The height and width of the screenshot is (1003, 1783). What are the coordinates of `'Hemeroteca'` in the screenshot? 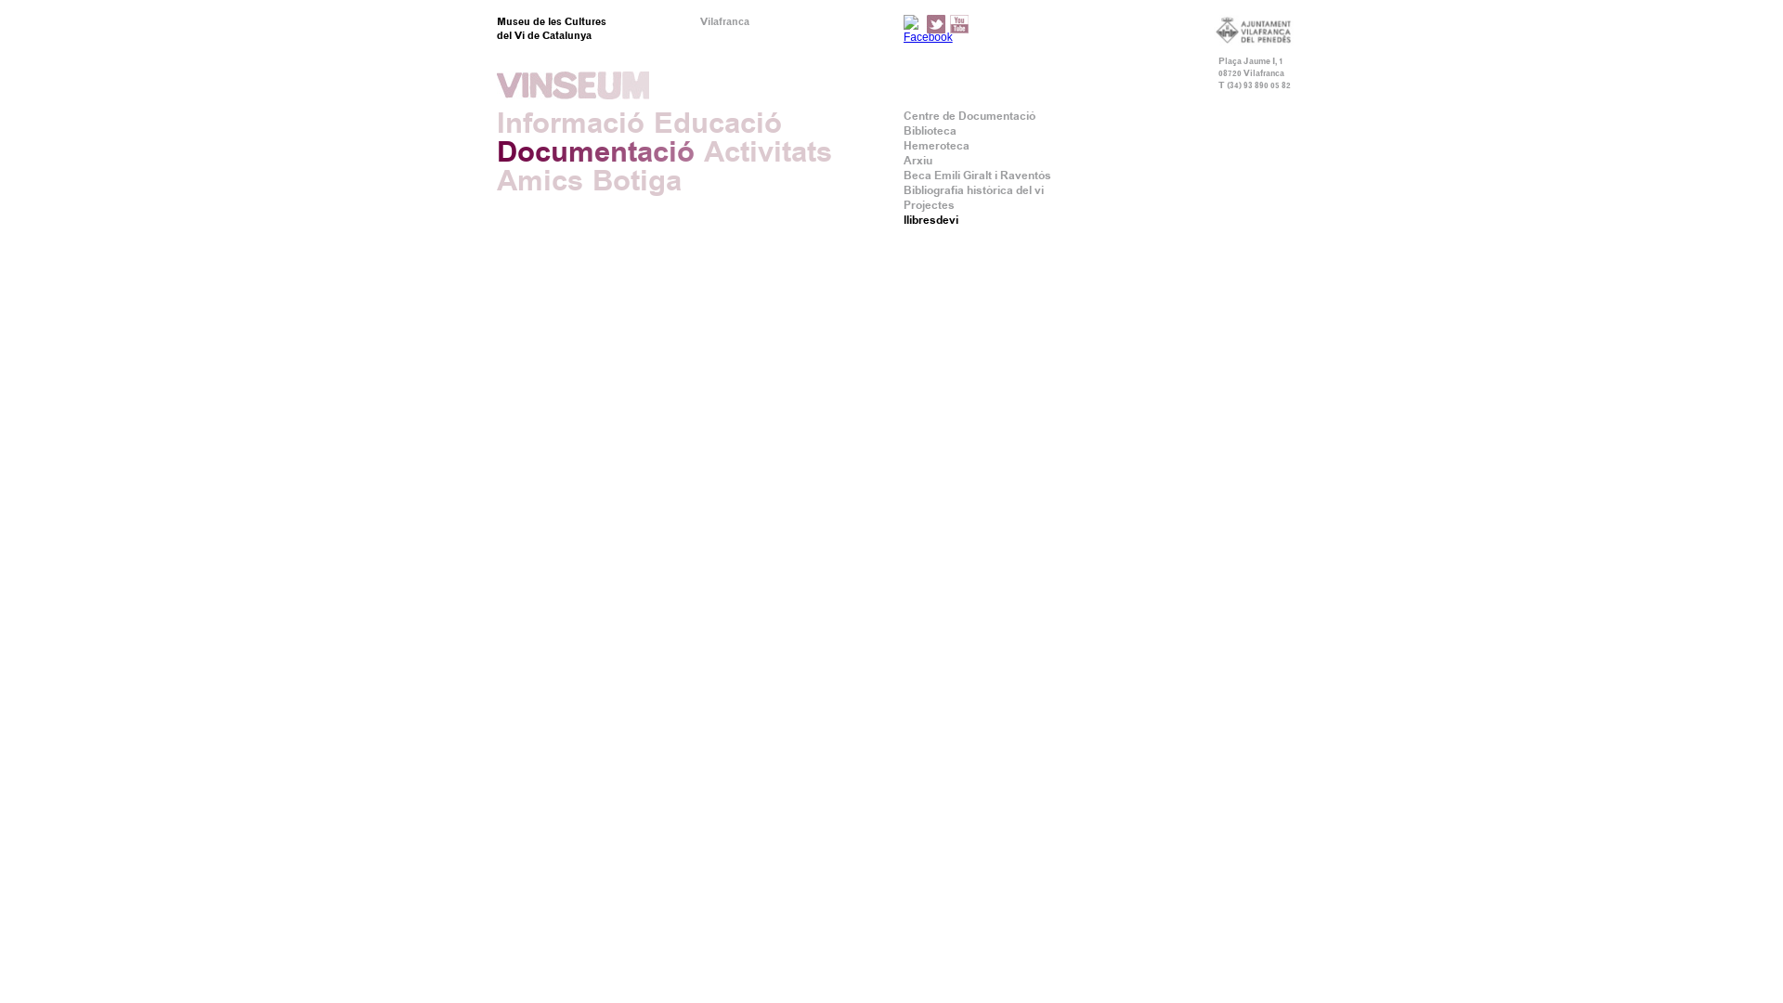 It's located at (904, 145).